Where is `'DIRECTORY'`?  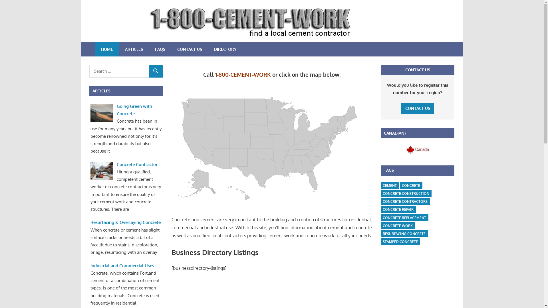 'DIRECTORY' is located at coordinates (207, 49).